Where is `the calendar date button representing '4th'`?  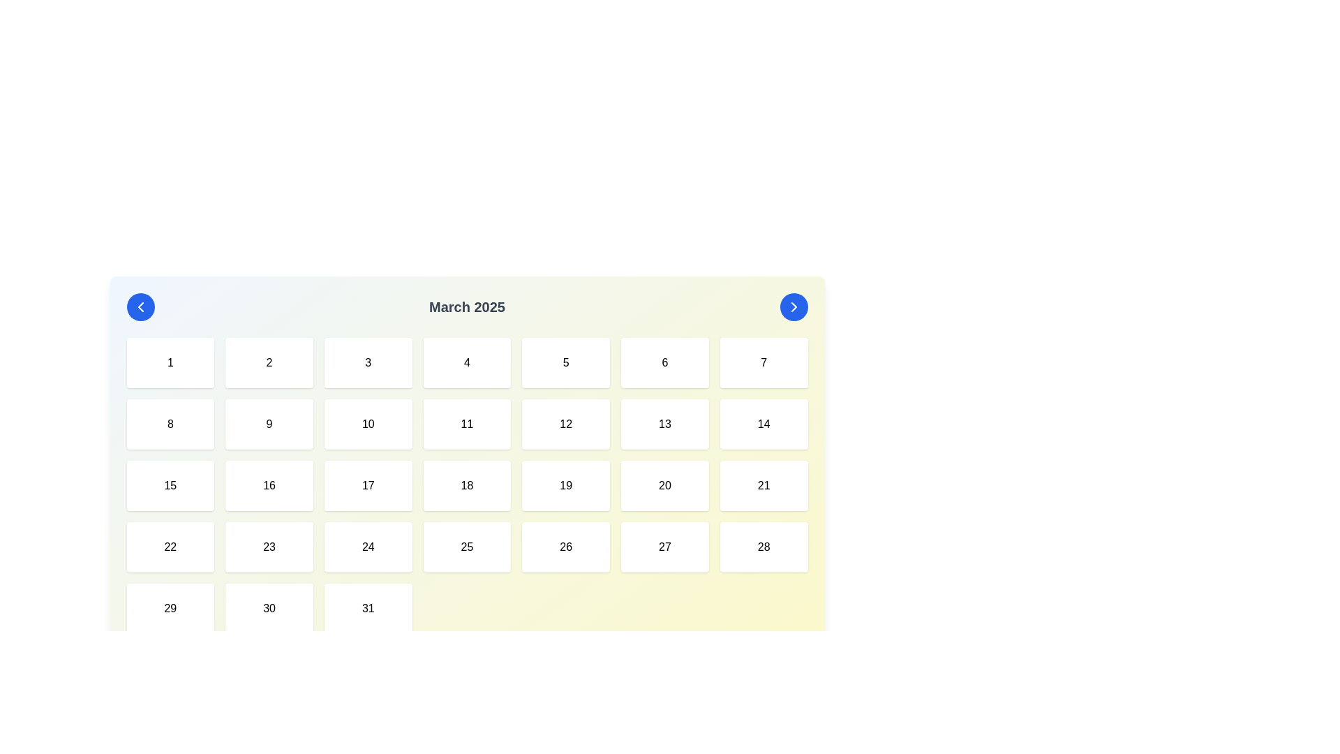
the calendar date button representing '4th' is located at coordinates (467, 362).